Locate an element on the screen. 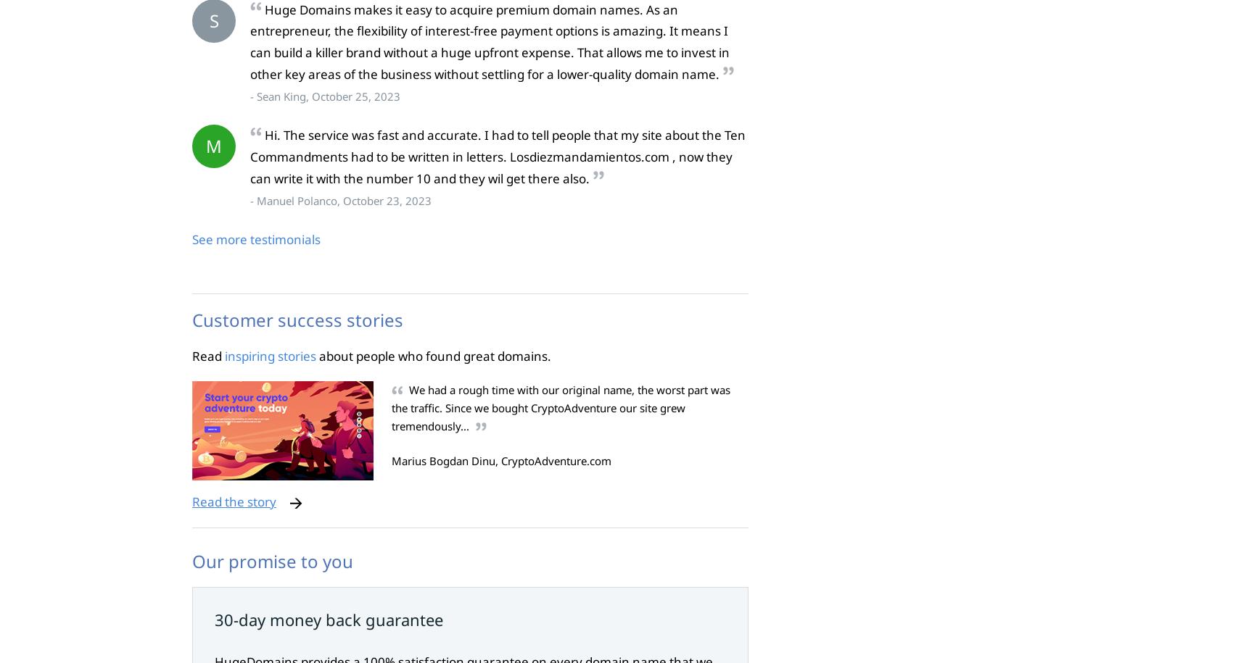  '30-day money back guarantee' is located at coordinates (329, 618).